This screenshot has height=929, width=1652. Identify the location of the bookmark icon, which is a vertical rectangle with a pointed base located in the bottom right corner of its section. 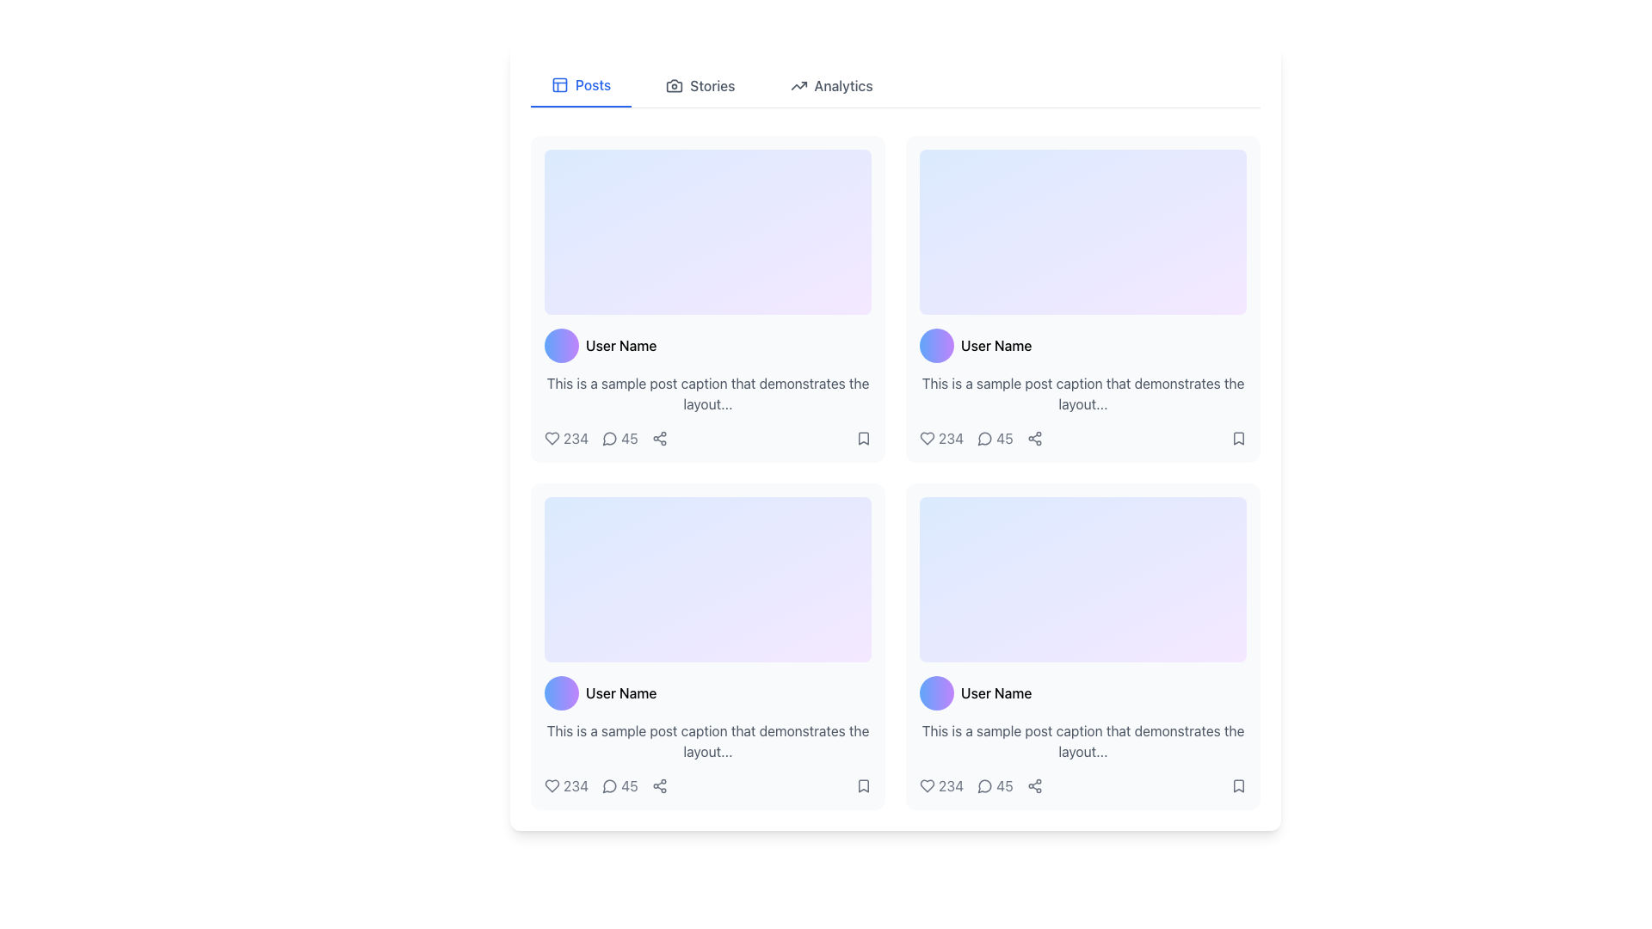
(1239, 786).